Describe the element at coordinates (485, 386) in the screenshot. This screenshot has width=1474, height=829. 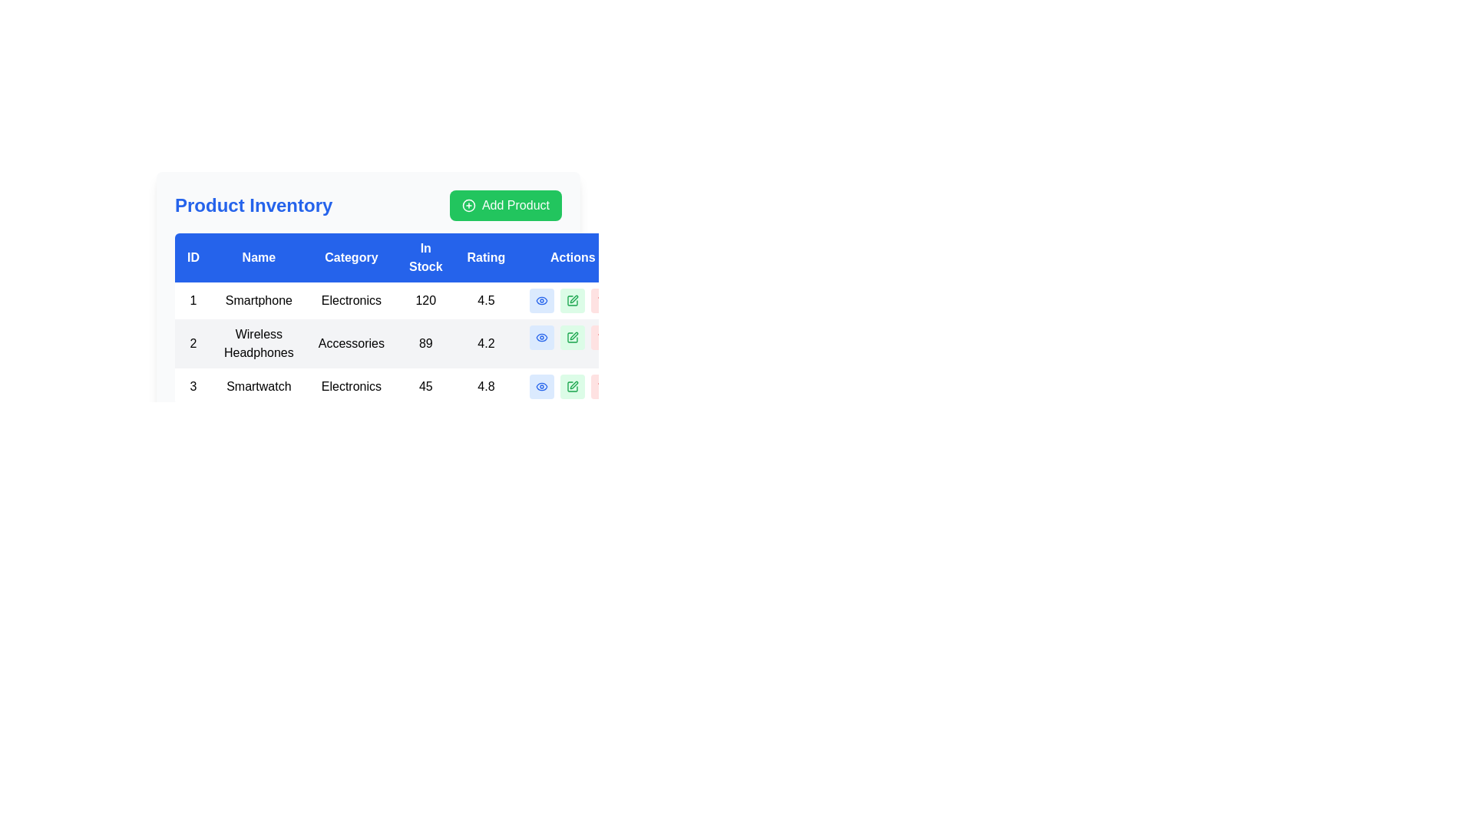
I see `the numeric rating display showing '4.8' located in the fifth column of the third row of the table, adjacent to '45' on the left` at that location.